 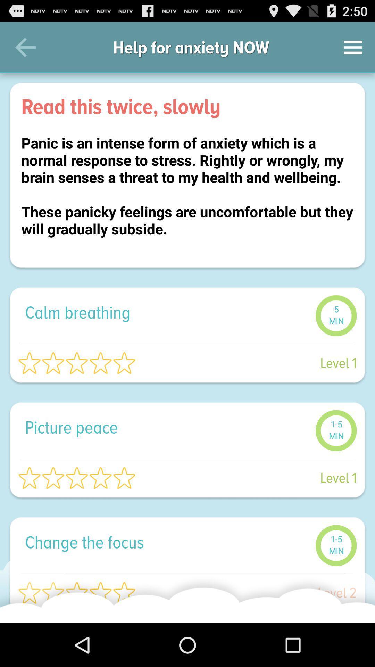 I want to click on panic is an icon, so click(x=187, y=195).